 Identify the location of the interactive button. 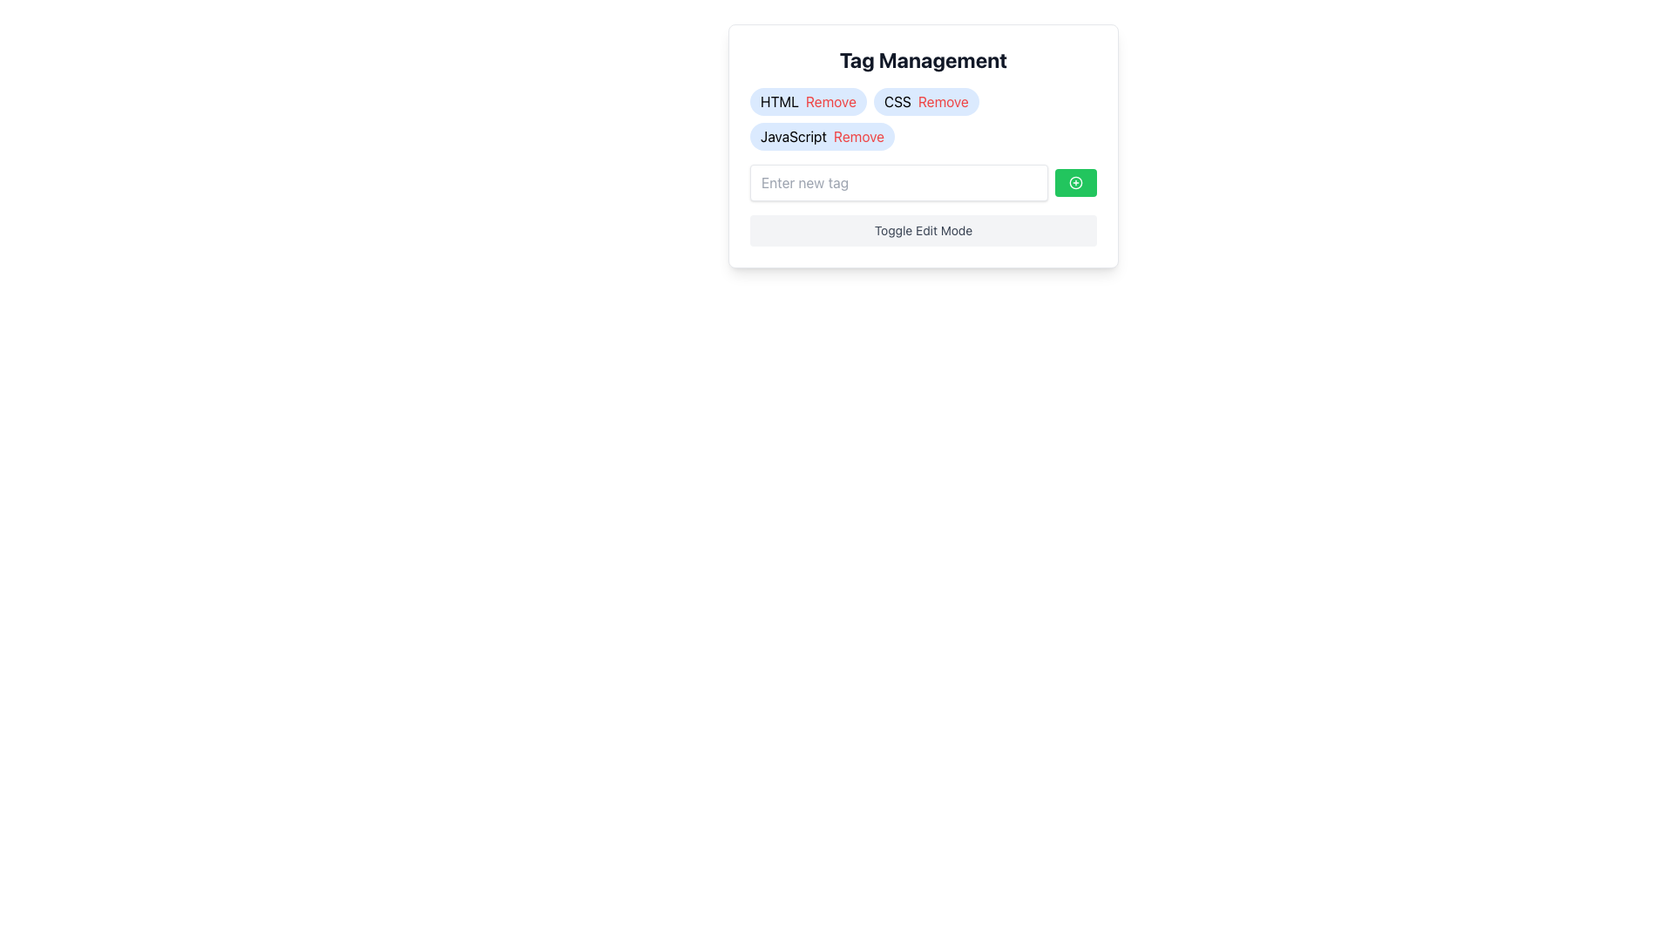
(1074, 182).